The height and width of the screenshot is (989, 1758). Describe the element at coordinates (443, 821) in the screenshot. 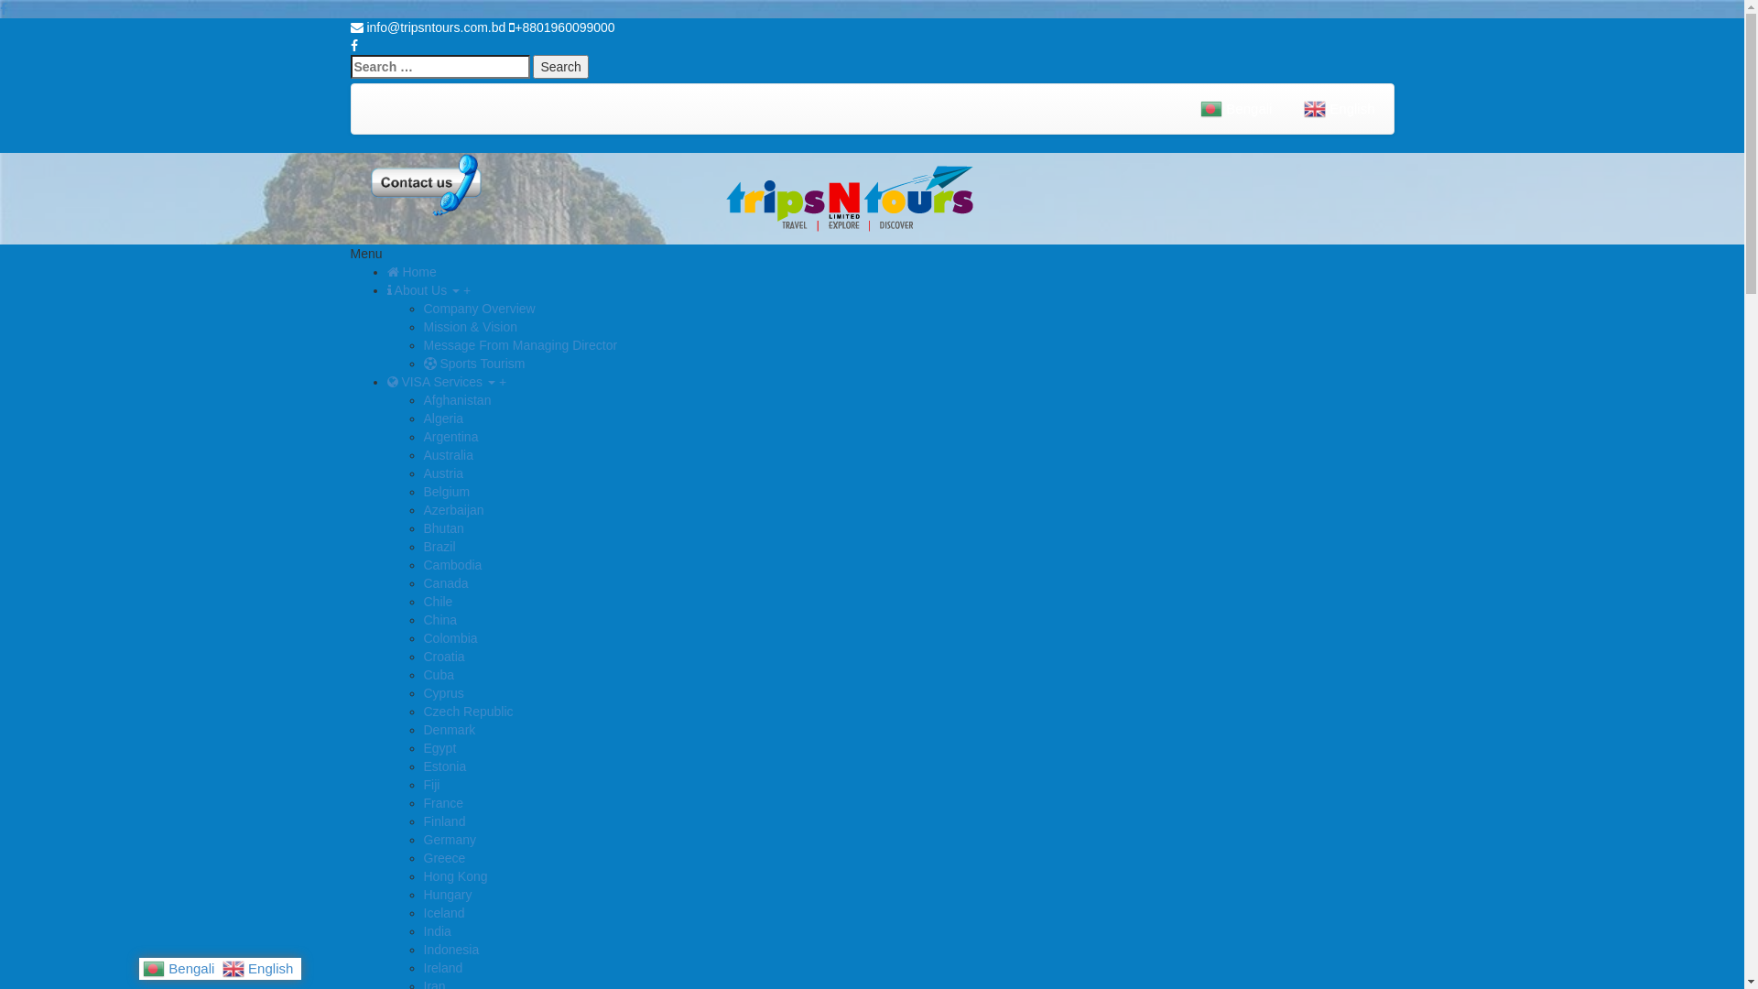

I see `'Finland'` at that location.